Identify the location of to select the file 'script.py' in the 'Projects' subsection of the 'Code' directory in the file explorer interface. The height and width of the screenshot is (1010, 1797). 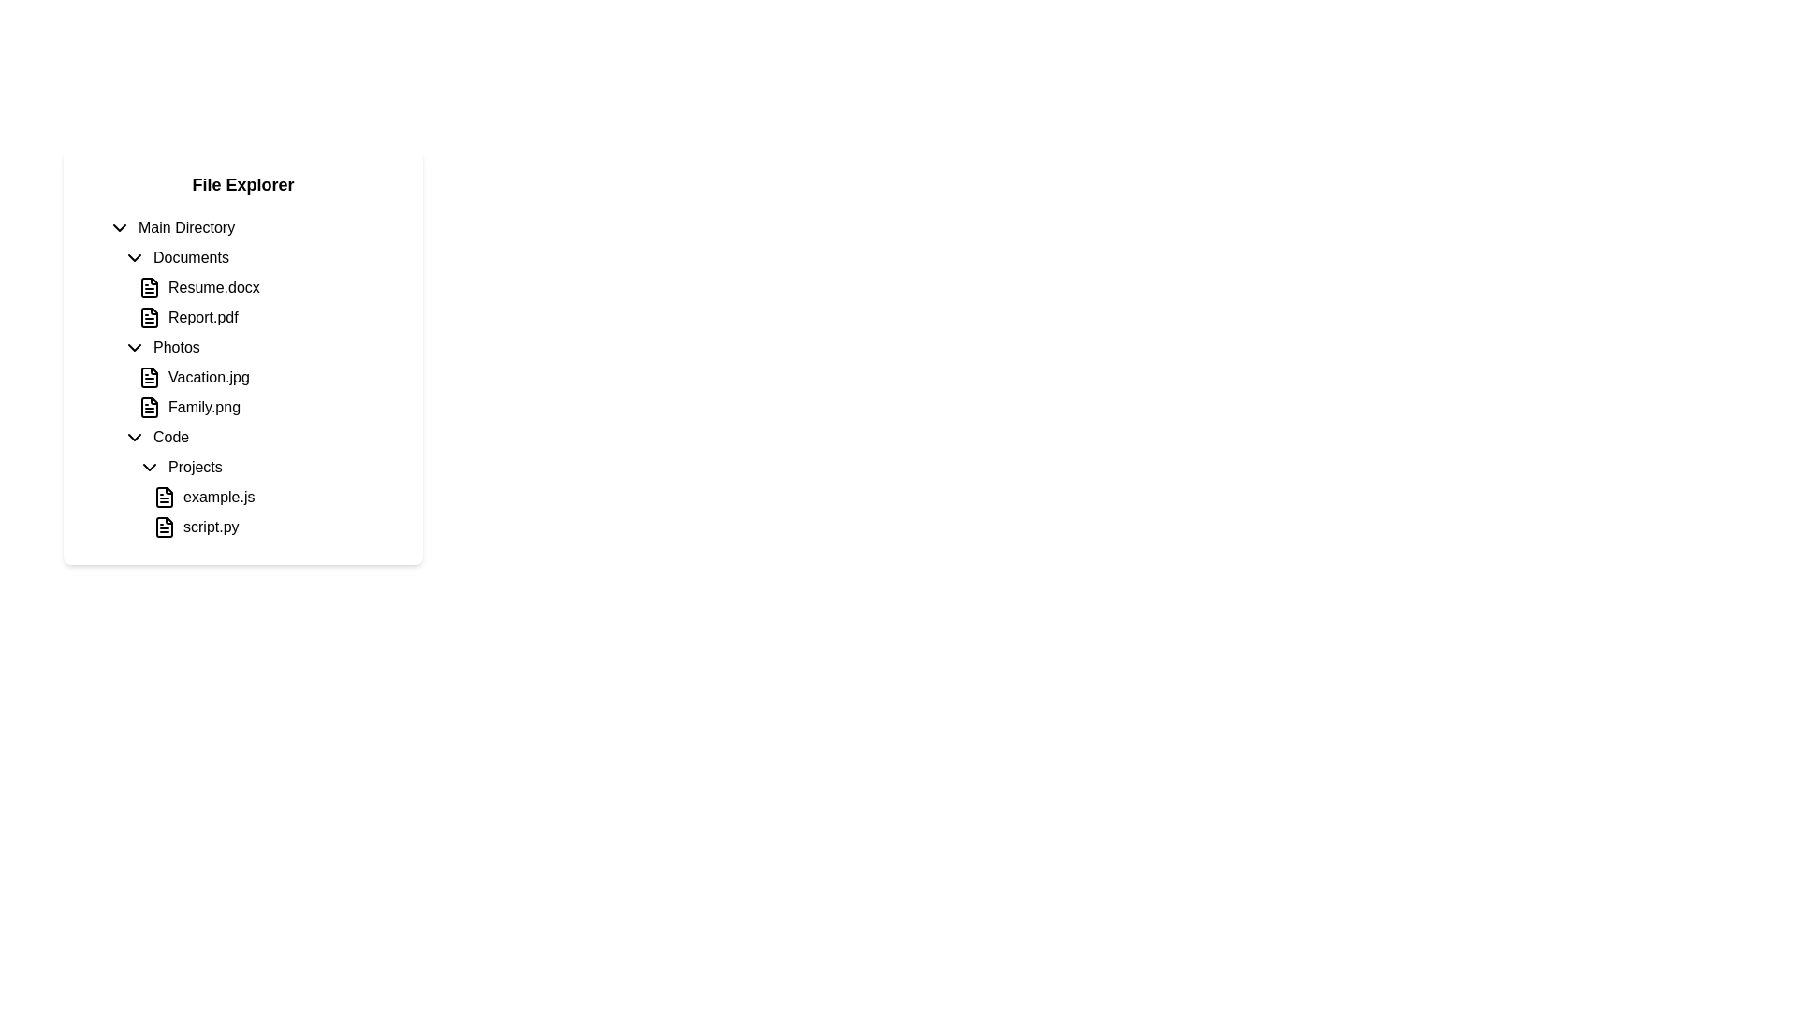
(272, 527).